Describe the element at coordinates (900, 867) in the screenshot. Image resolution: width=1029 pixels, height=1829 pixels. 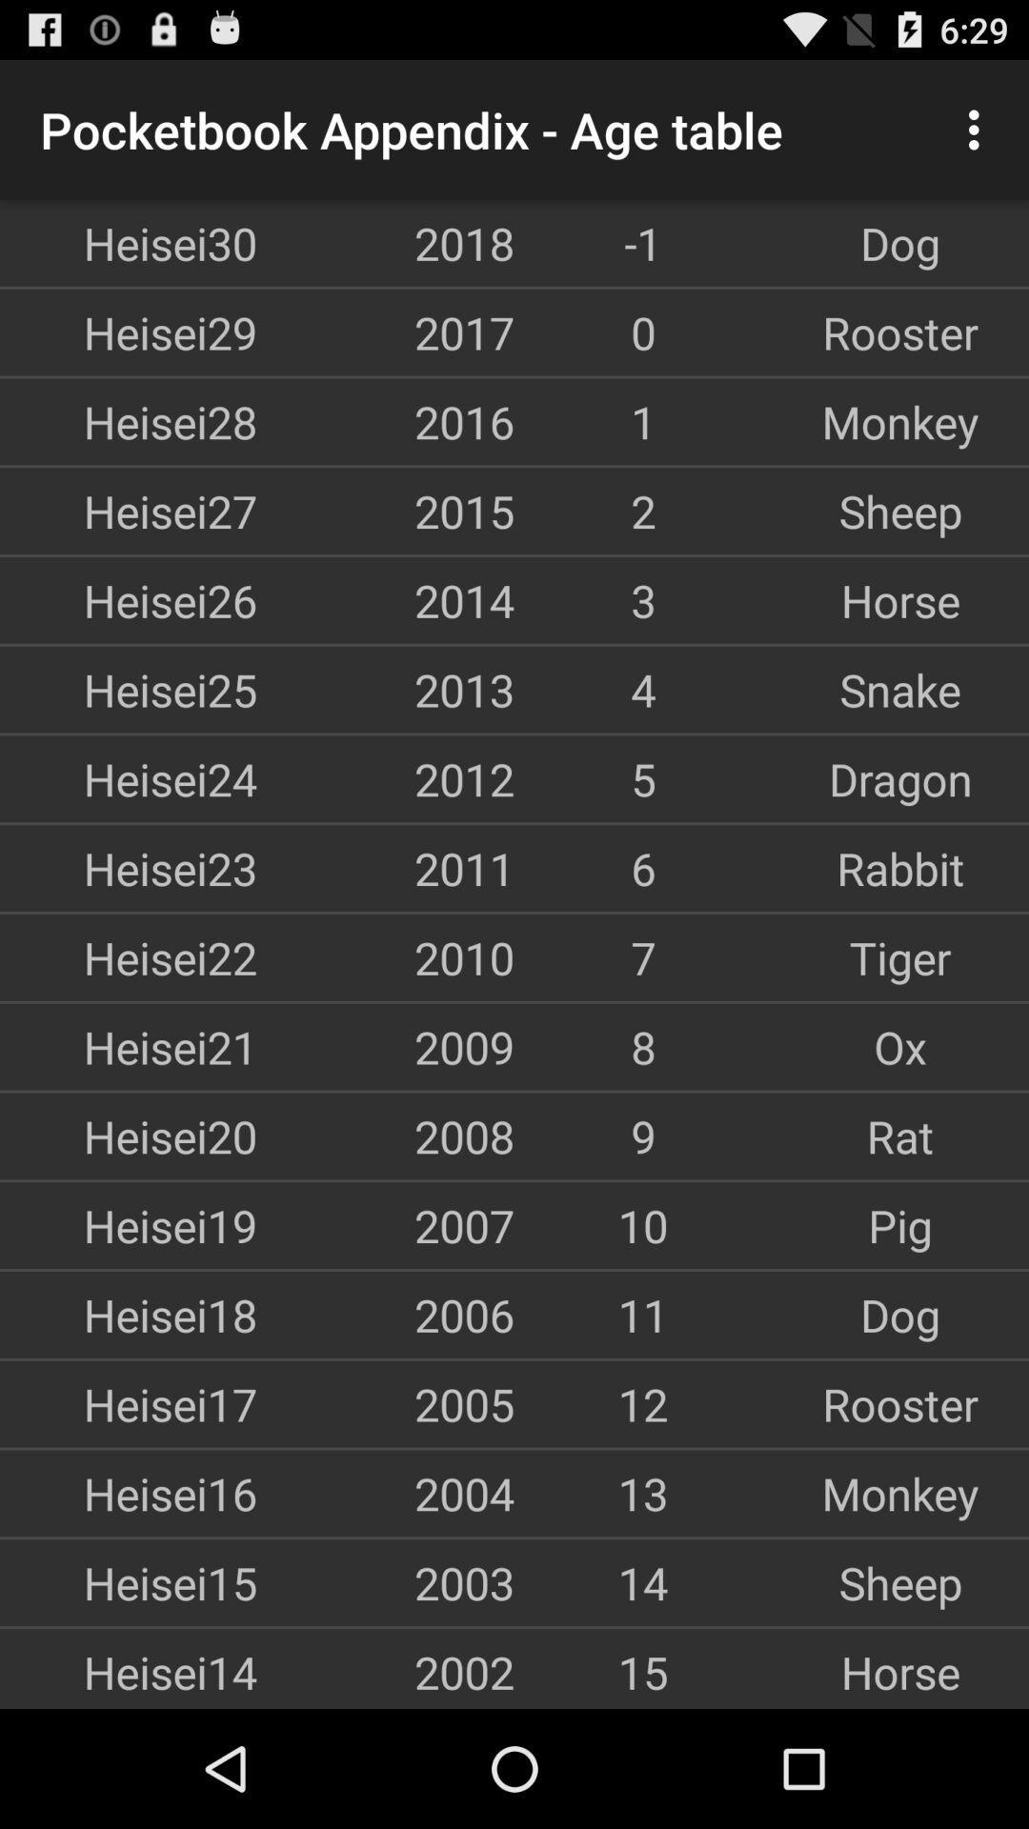
I see `icon below 5 app` at that location.